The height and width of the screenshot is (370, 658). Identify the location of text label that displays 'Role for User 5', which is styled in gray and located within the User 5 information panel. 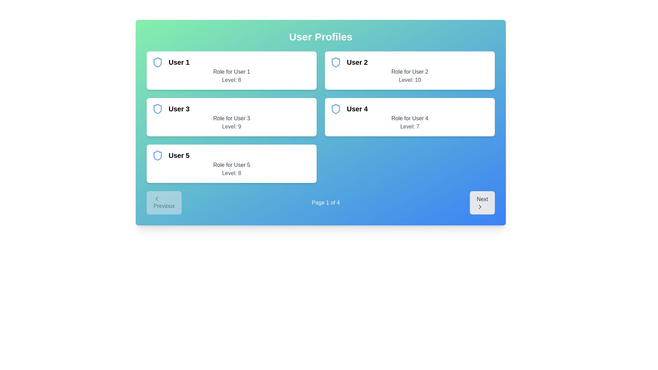
(232, 165).